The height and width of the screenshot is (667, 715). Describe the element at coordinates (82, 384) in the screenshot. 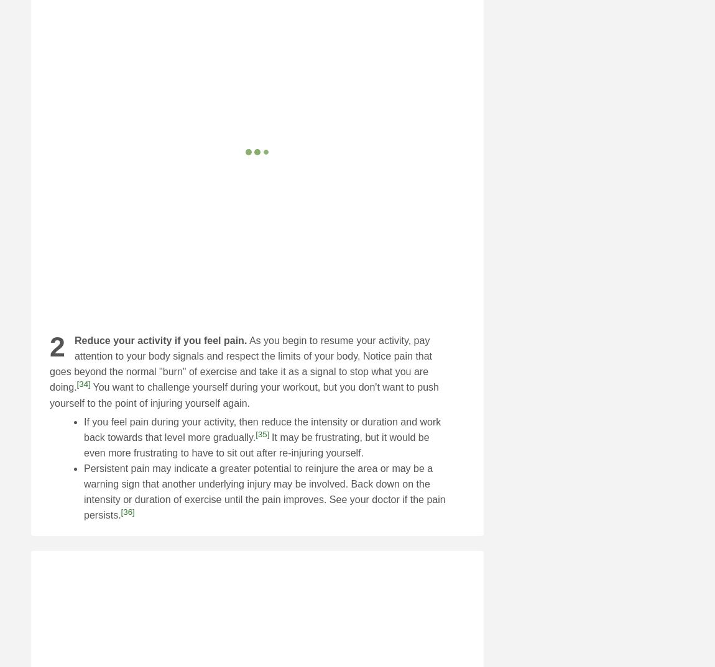

I see `'[34]'` at that location.